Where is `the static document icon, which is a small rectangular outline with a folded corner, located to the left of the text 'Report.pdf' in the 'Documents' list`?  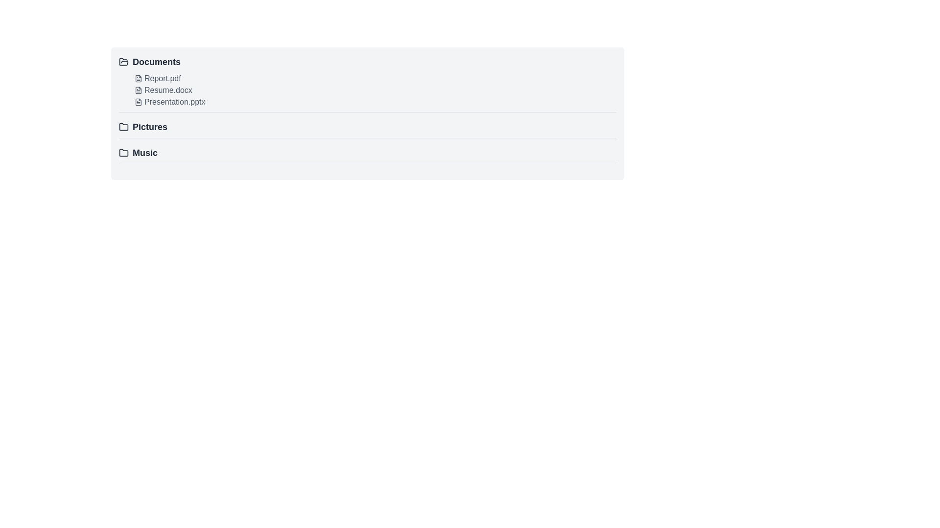 the static document icon, which is a small rectangular outline with a folded corner, located to the left of the text 'Report.pdf' in the 'Documents' list is located at coordinates (138, 78).